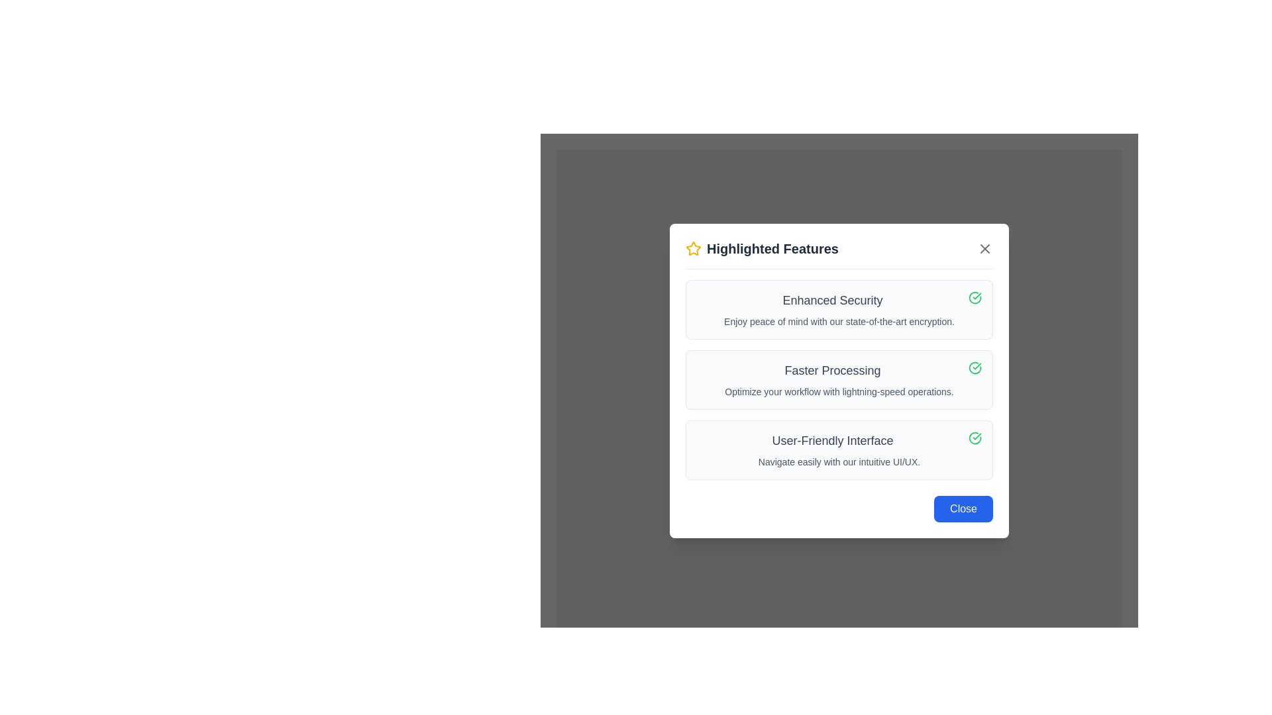  Describe the element at coordinates (839, 461) in the screenshot. I see `the static descriptive text below the 'User-Friendly Interface' heading, which emphasizes the ease of use and intuitive nature of the UI/UX designs` at that location.